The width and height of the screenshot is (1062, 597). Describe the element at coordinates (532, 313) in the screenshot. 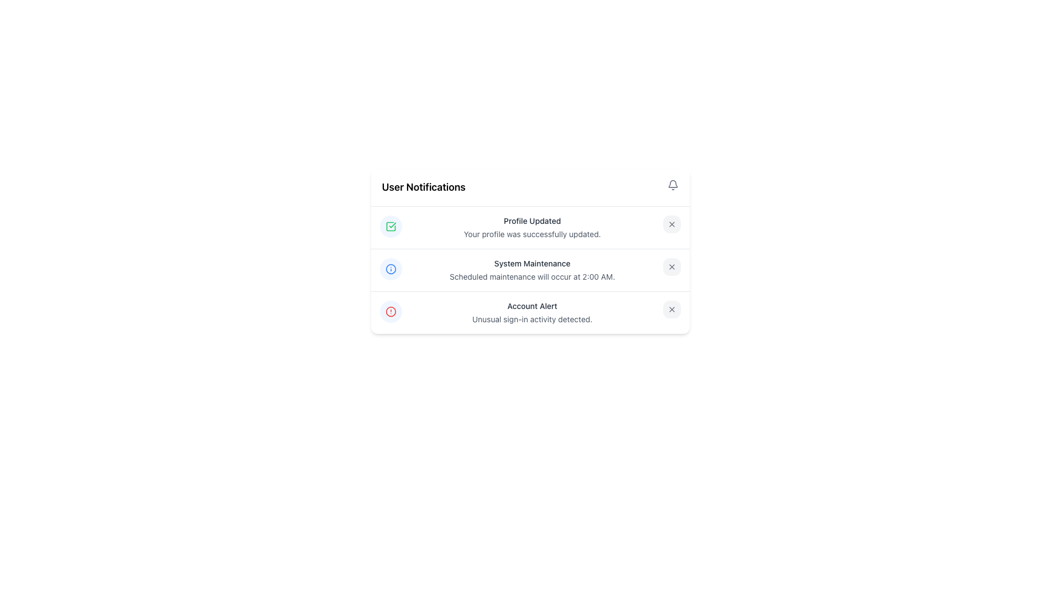

I see `security notification about unusual sign-in activity, which is the third notification in the list below 'System Maintenance'` at that location.